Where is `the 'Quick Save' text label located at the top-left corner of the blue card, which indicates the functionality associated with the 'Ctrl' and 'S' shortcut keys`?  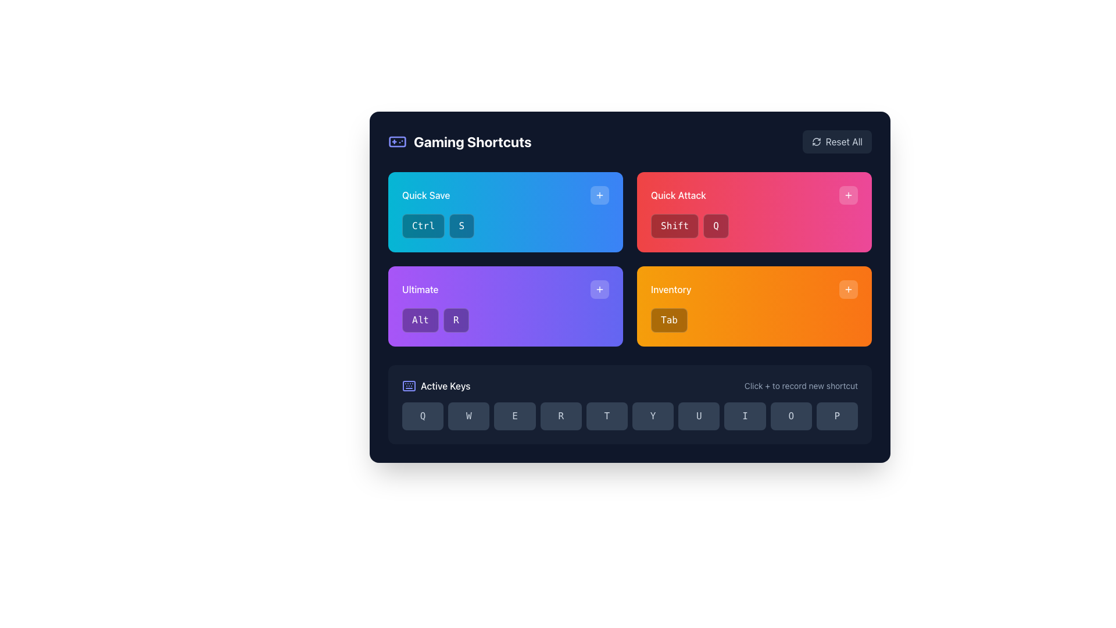
the 'Quick Save' text label located at the top-left corner of the blue card, which indicates the functionality associated with the 'Ctrl' and 'S' shortcut keys is located at coordinates (425, 194).